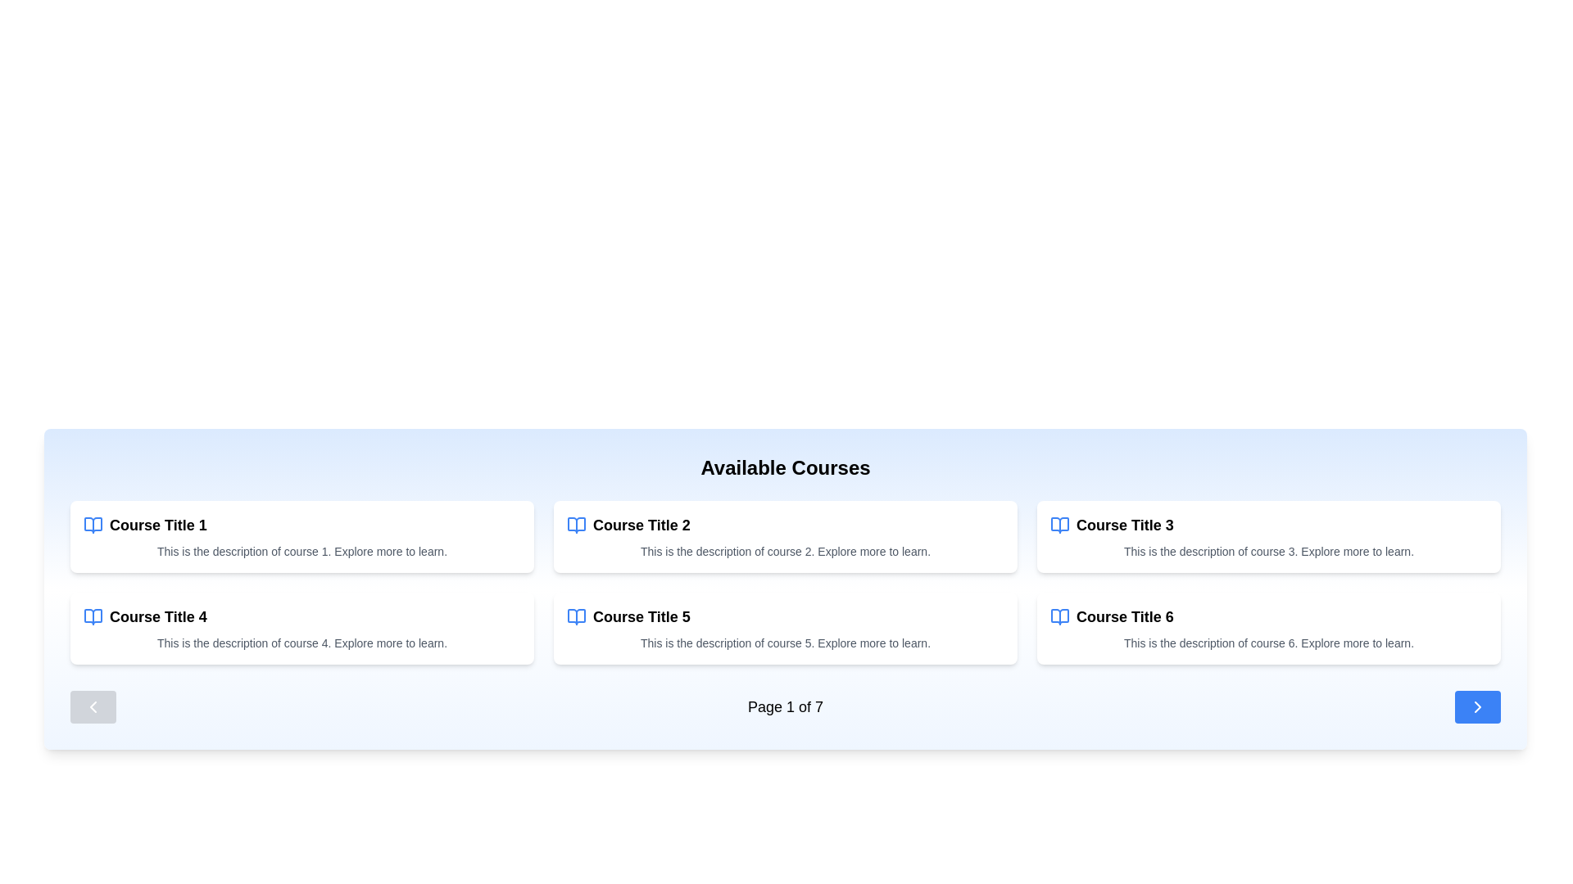 This screenshot has width=1573, height=884. What do you see at coordinates (785, 627) in the screenshot?
I see `the informational card displaying 'Course Title 5', which presents its title and description, located in the middle row and central column of the grid` at bounding box center [785, 627].